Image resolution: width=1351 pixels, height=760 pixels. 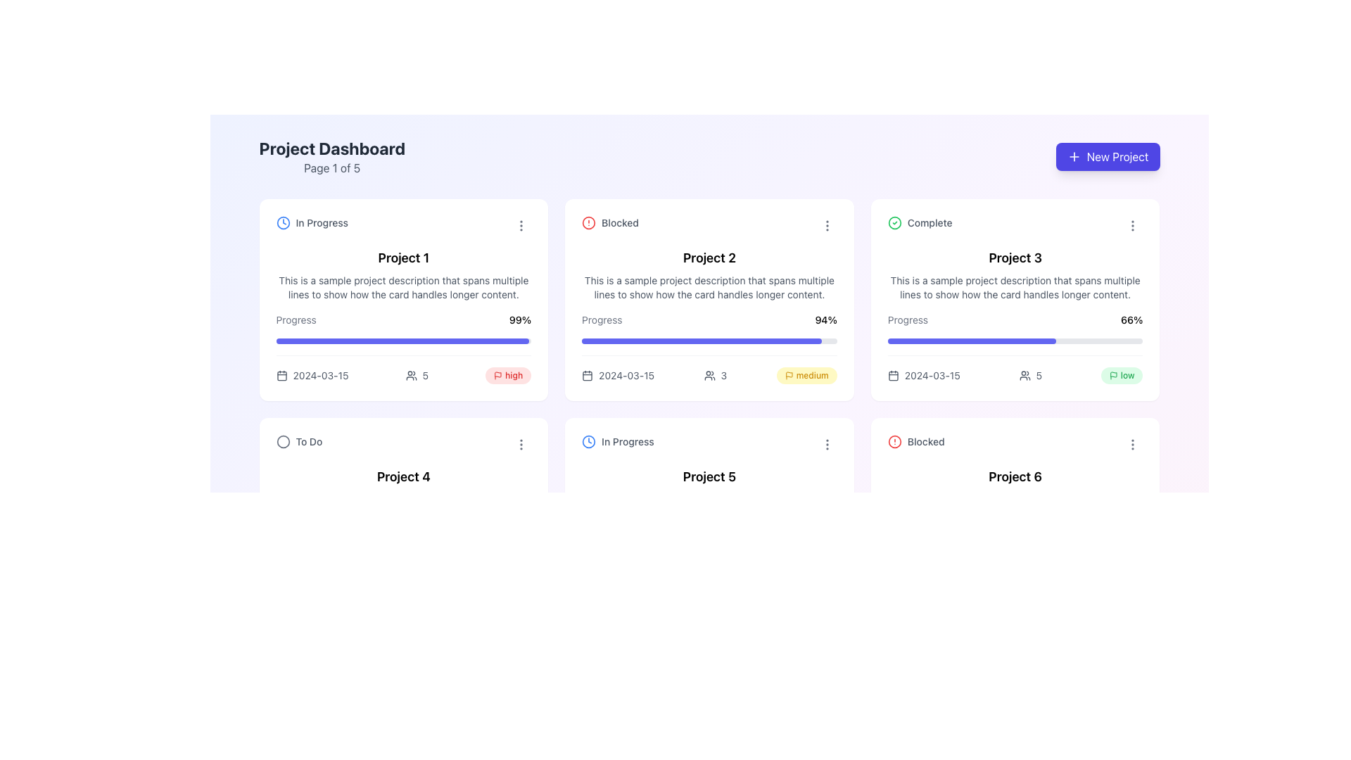 I want to click on the vertical ellipsis icon in the upper-right corner of the 'Project 3' card, so click(x=1133, y=224).